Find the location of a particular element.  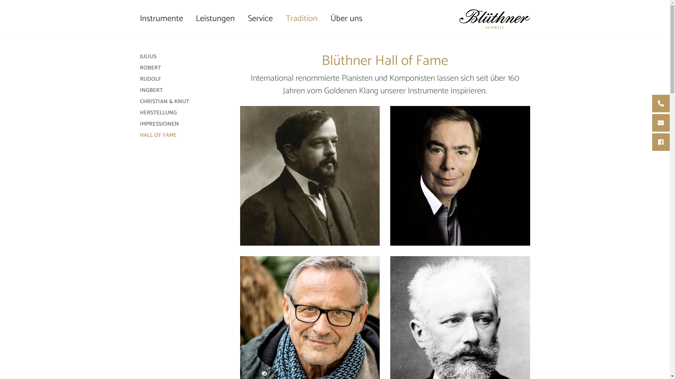

'CHRISTIAN & KNUT' is located at coordinates (164, 101).